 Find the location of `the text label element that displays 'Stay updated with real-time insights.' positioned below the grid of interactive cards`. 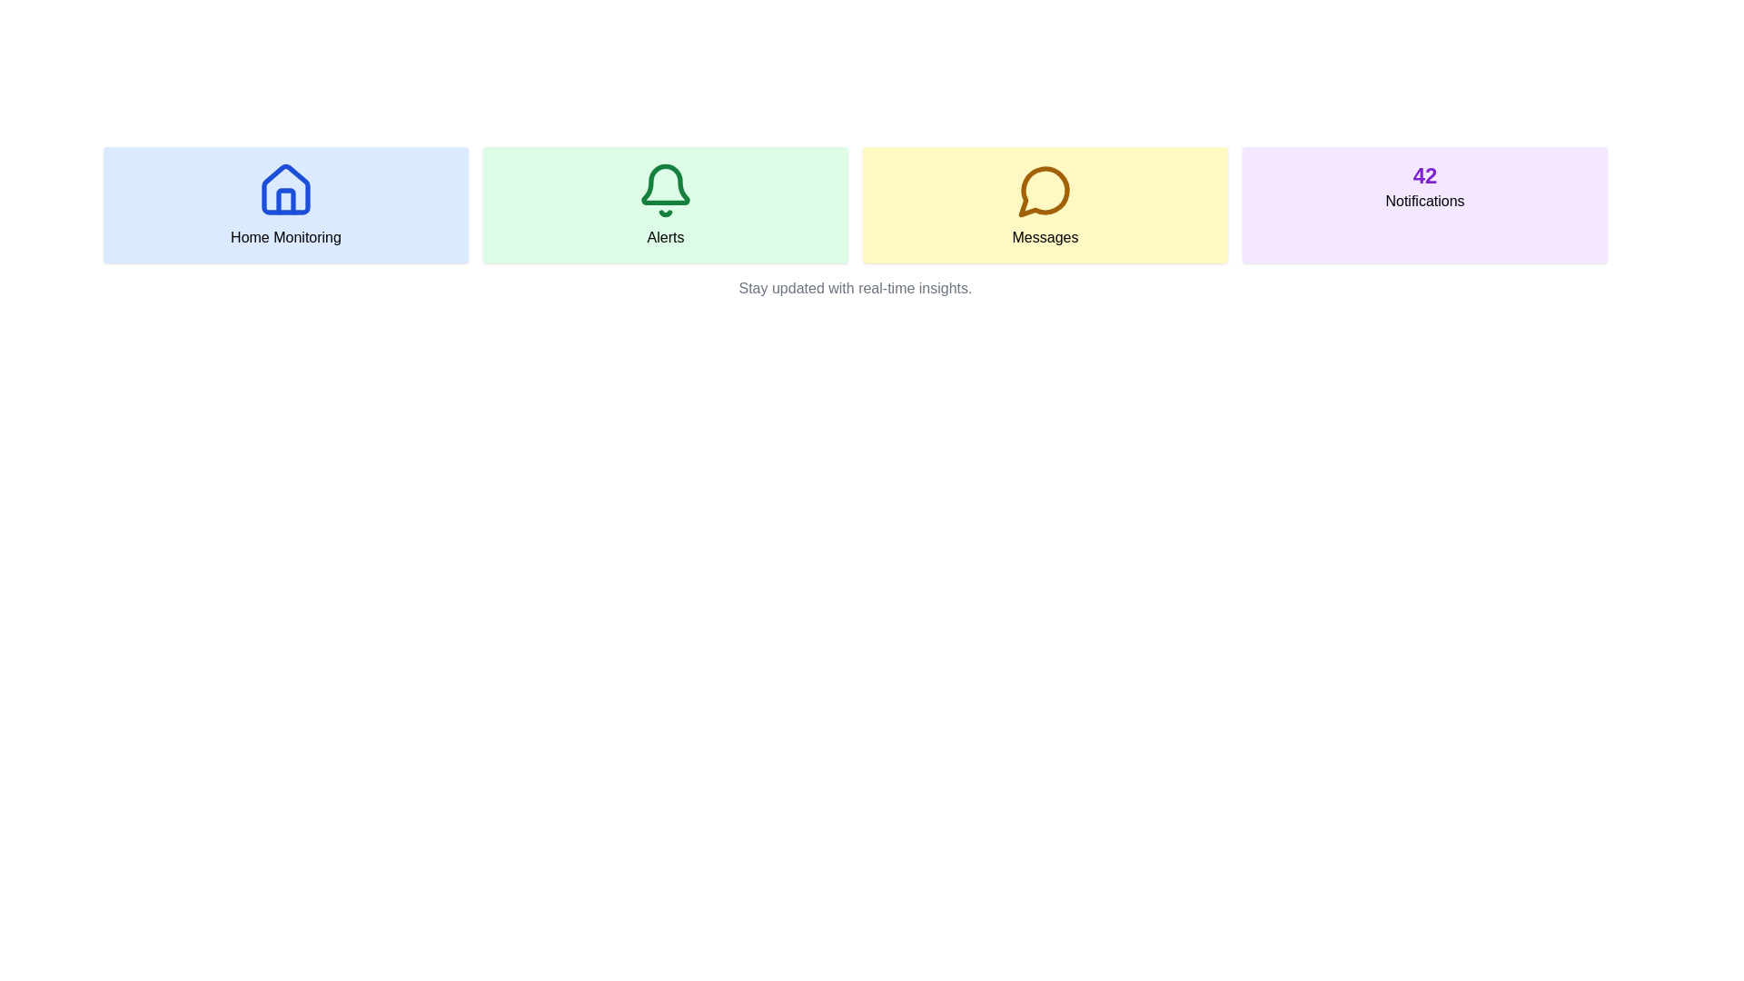

the text label element that displays 'Stay updated with real-time insights.' positioned below the grid of interactive cards is located at coordinates (854, 287).